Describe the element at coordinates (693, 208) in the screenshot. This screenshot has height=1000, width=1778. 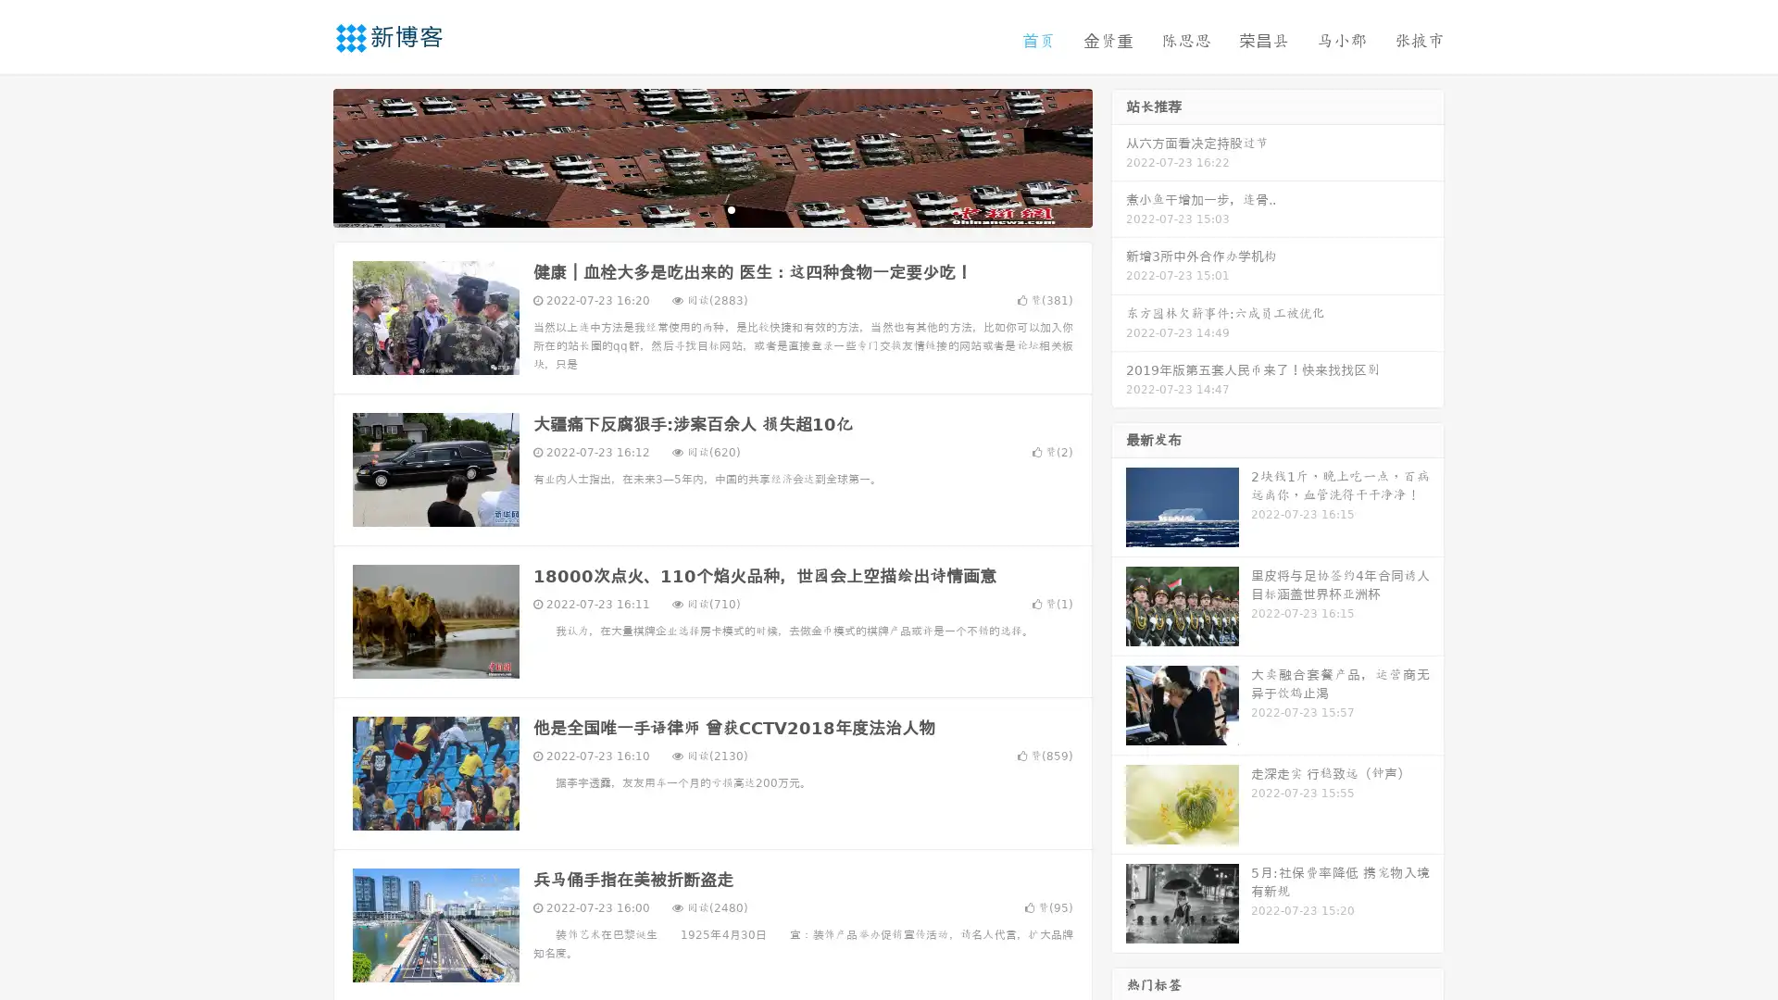
I see `Go to slide 1` at that location.